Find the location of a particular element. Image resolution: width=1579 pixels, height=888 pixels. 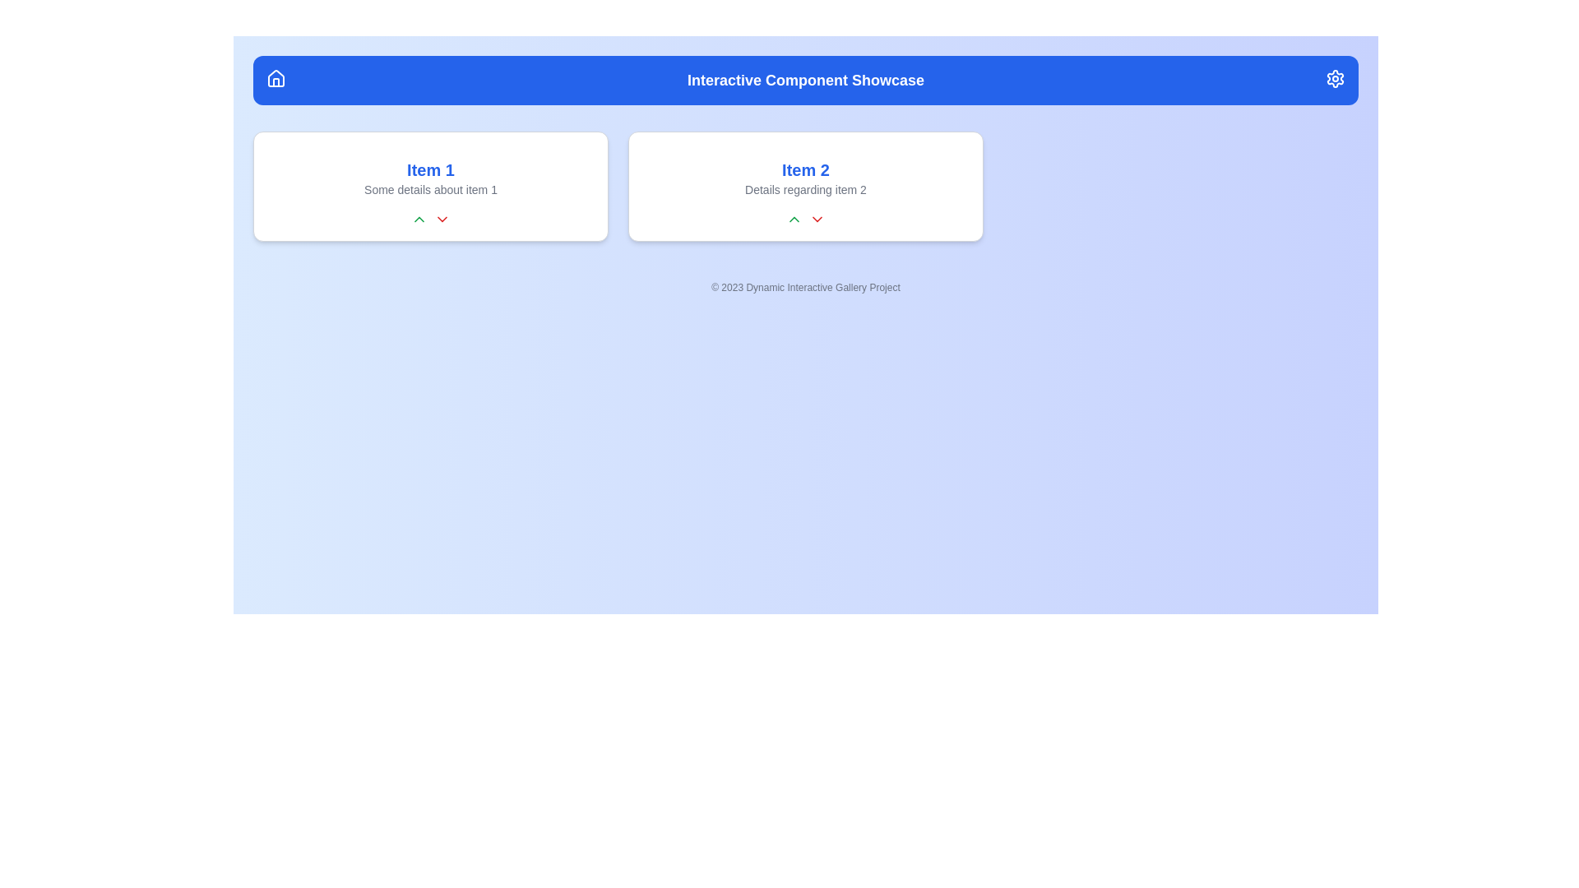

the static text label that displays 'Some details about item 1' located within the white rectangular card under the 'Item 1' headline is located at coordinates (430, 189).